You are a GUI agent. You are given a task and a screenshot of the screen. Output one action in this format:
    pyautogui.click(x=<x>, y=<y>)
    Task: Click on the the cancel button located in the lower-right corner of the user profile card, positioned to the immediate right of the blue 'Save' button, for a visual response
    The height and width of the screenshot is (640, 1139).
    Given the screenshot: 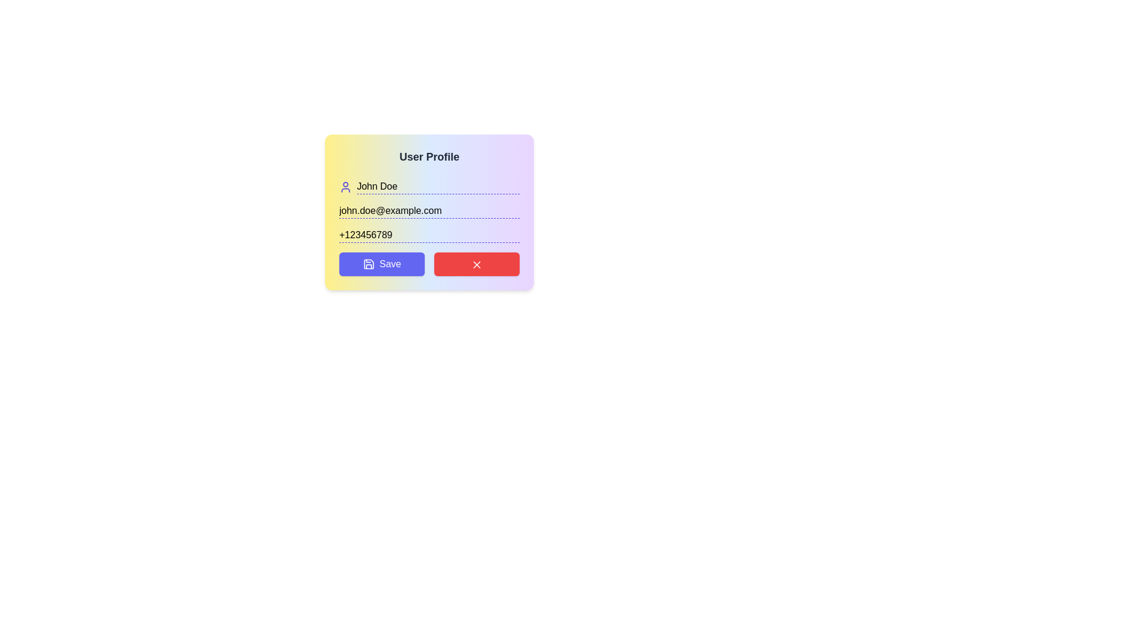 What is the action you would take?
    pyautogui.click(x=477, y=264)
    